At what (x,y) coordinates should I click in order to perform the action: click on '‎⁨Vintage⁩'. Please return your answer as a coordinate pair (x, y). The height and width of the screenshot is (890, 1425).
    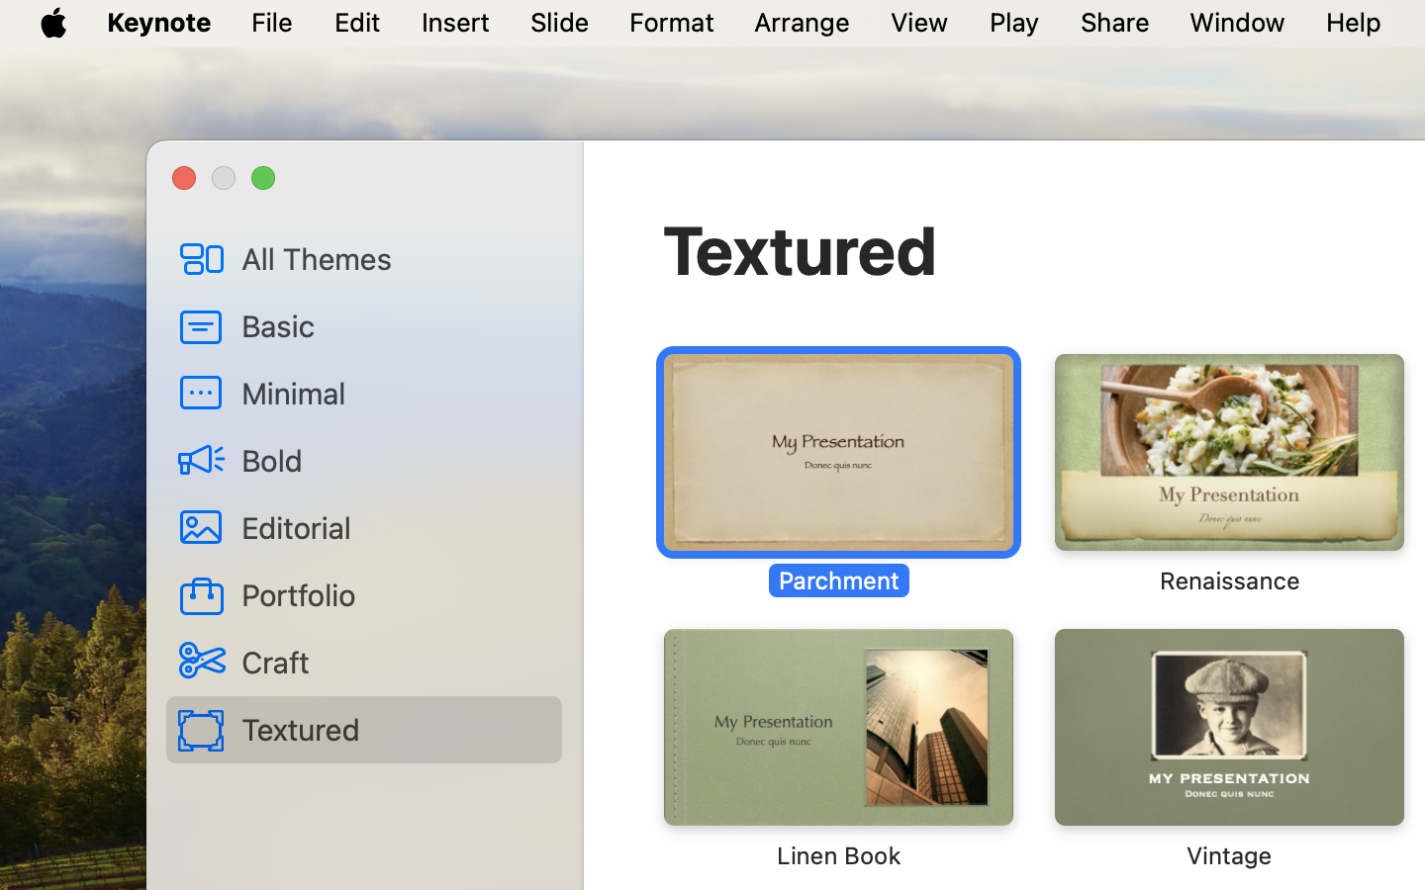
    Looking at the image, I should click on (1226, 748).